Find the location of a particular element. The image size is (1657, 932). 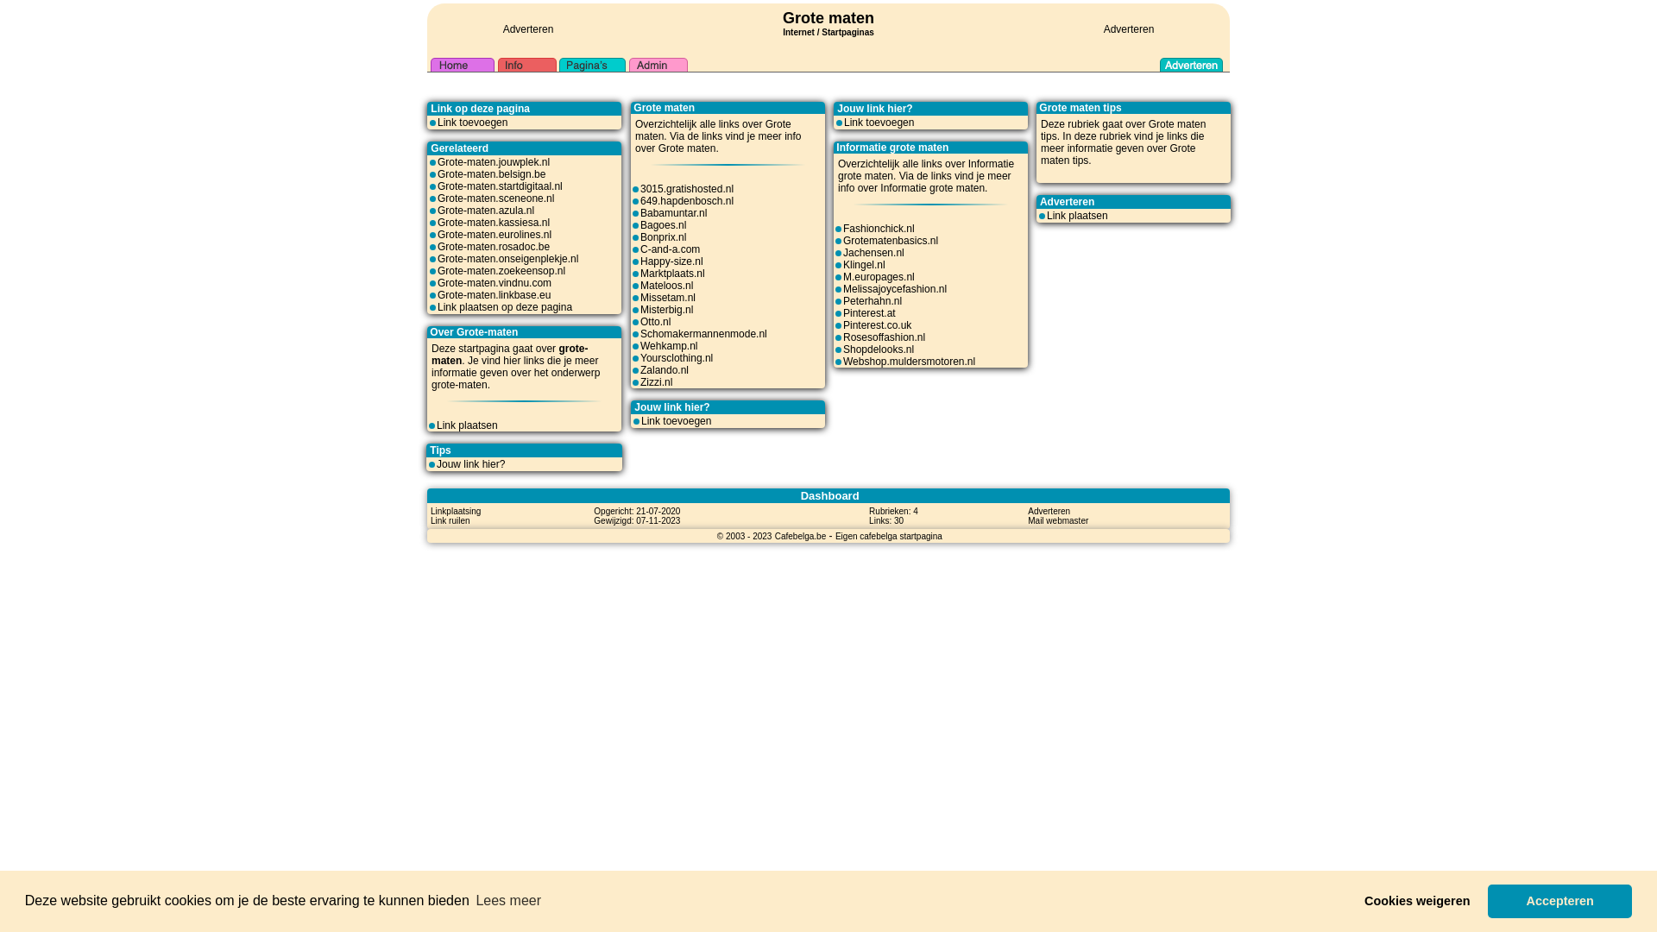

'Startpaginas' is located at coordinates (847, 32).